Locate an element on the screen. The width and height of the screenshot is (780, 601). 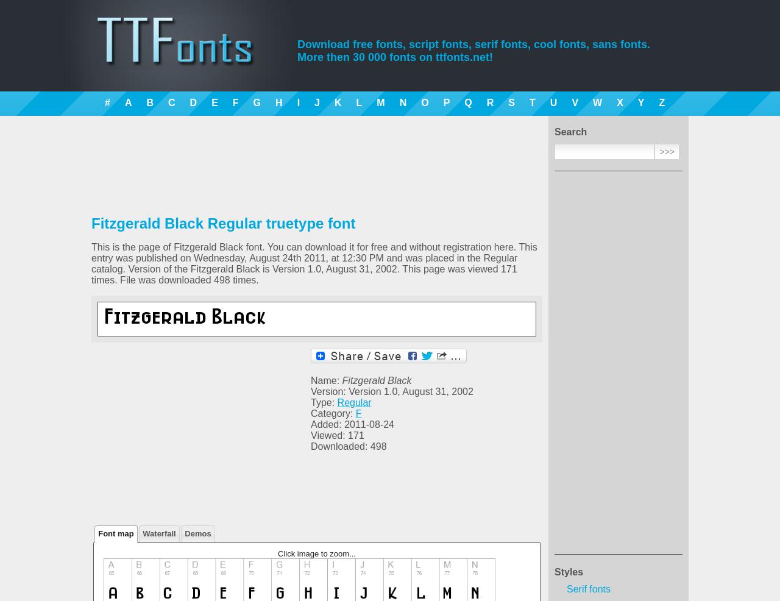
'Q' is located at coordinates (467, 102).